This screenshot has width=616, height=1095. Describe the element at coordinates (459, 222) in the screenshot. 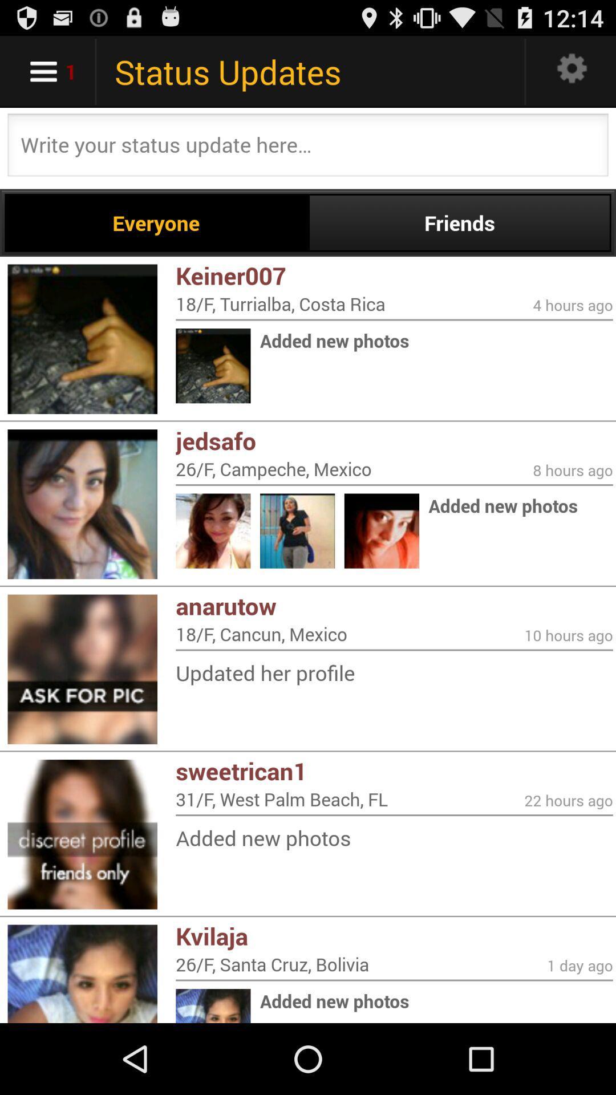

I see `the item next to the everyone icon` at that location.